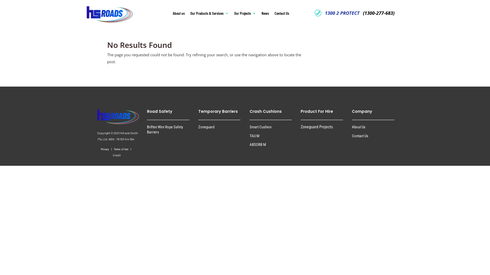 This screenshot has height=275, width=490. Describe the element at coordinates (116, 155) in the screenshot. I see `'Credit'` at that location.